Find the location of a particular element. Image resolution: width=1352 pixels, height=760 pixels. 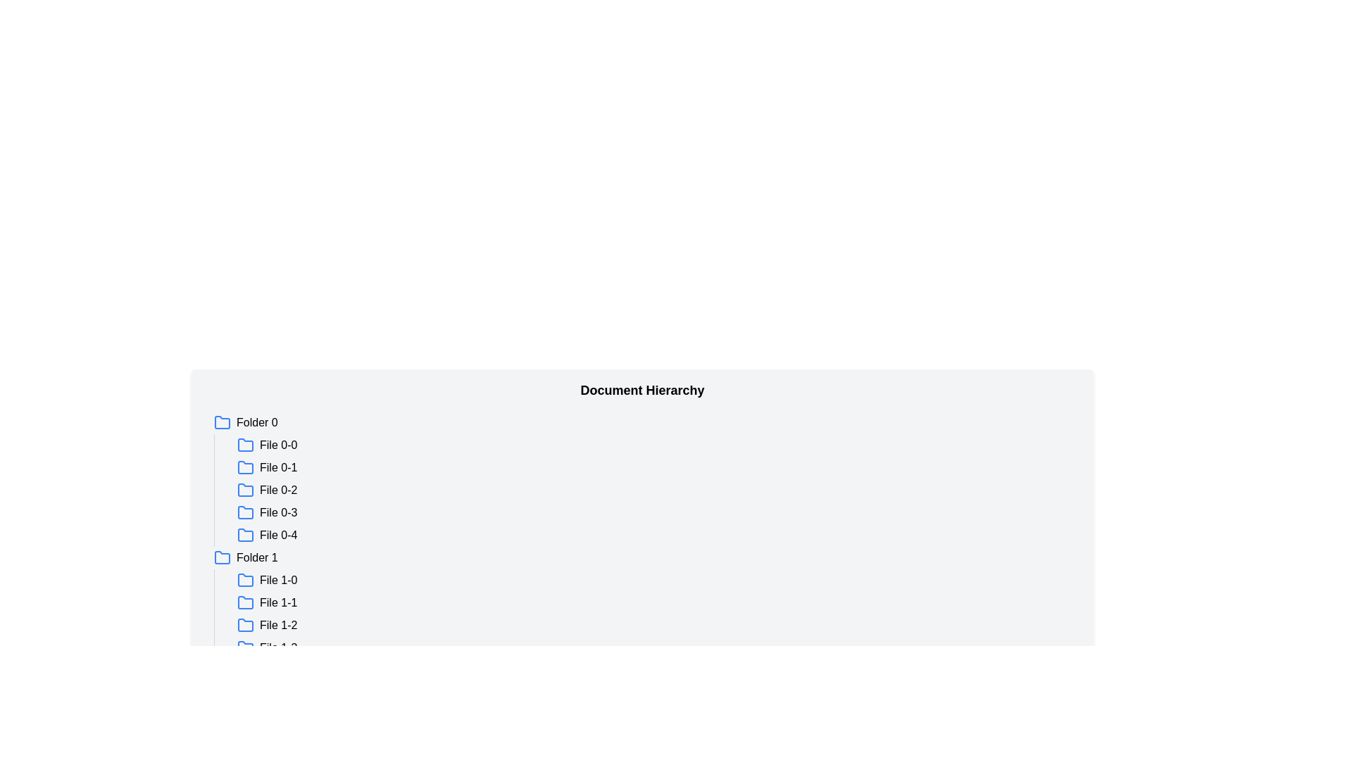

the text label 'File 1-0' which is the first file entry under 'Folder 1' is located at coordinates (278, 581).